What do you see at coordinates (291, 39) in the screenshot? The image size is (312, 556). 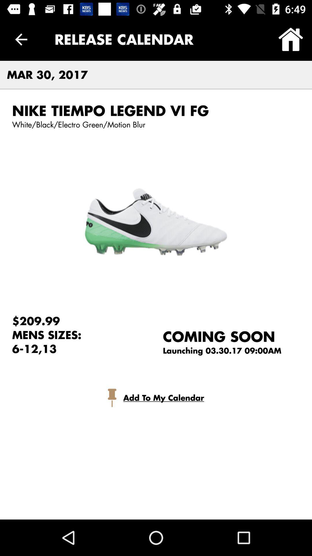 I see `item next to the release calendar` at bounding box center [291, 39].